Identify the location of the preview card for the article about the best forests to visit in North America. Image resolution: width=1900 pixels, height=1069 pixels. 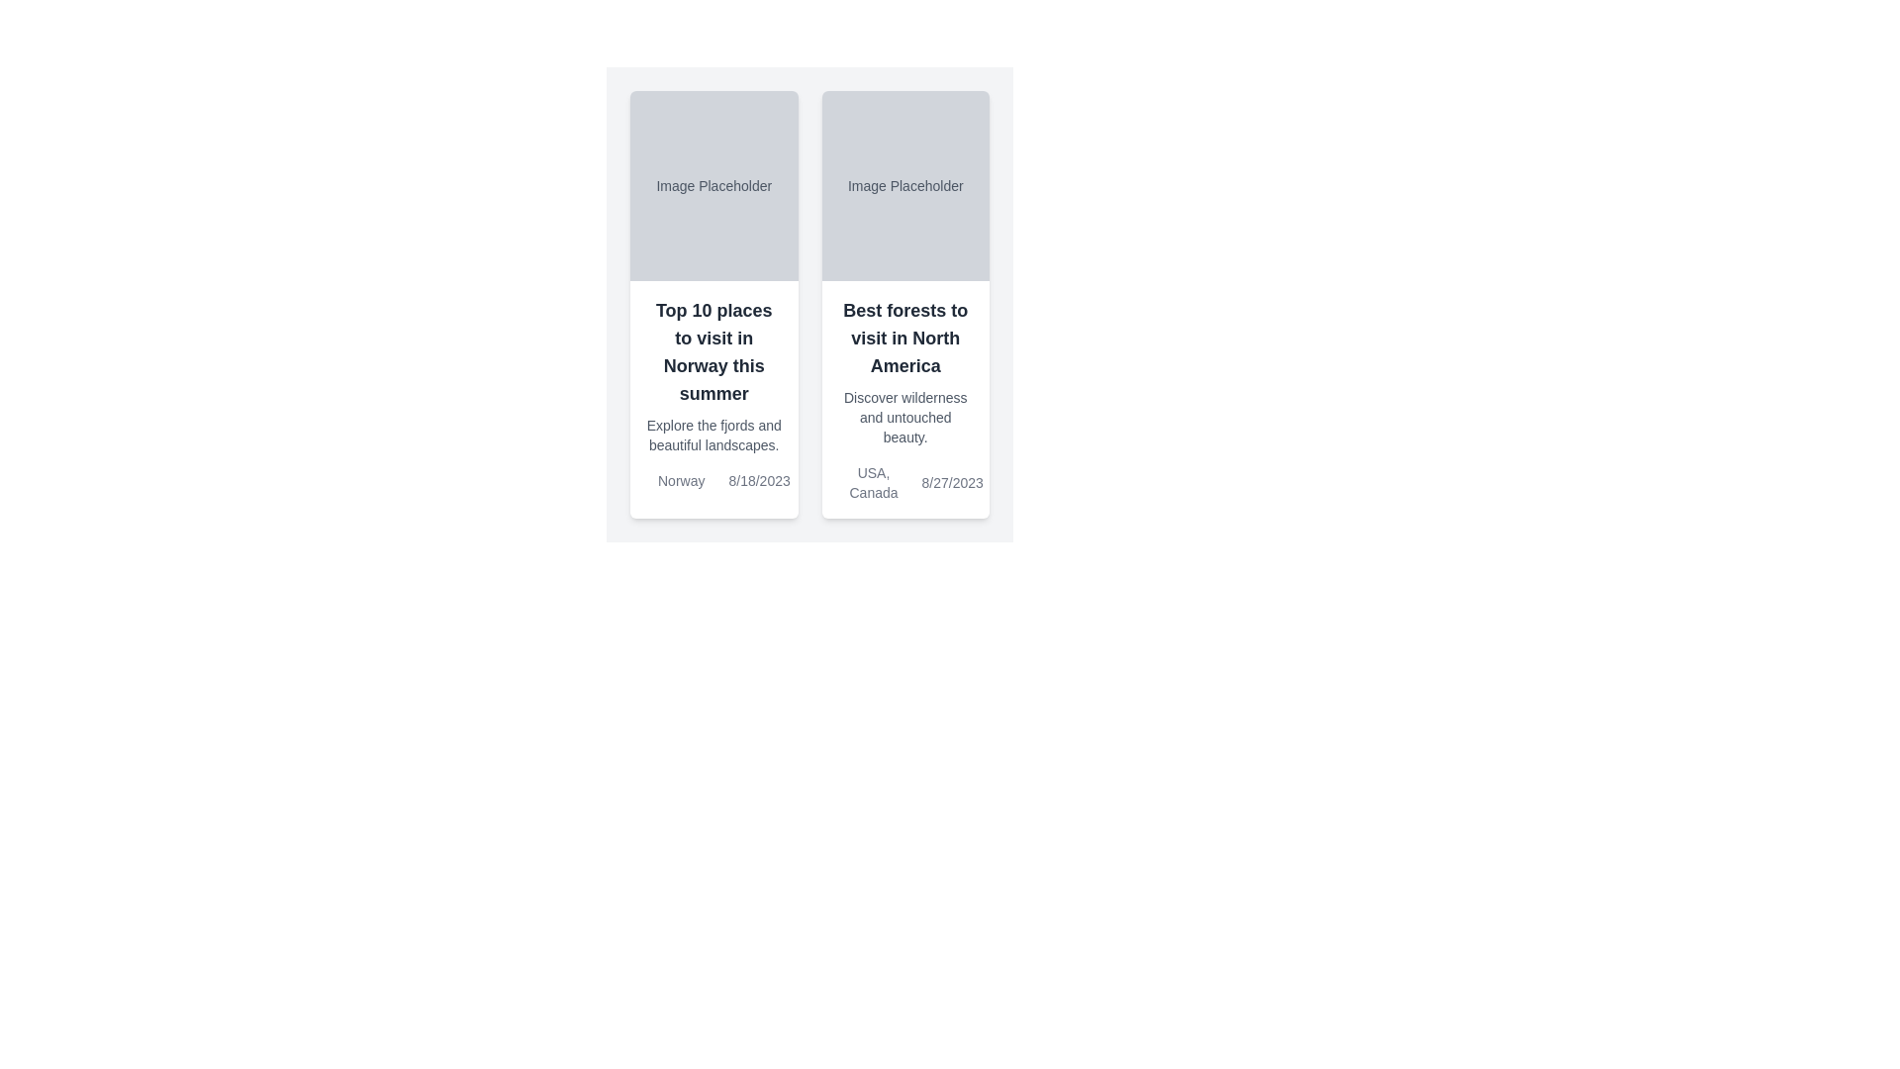
(904, 305).